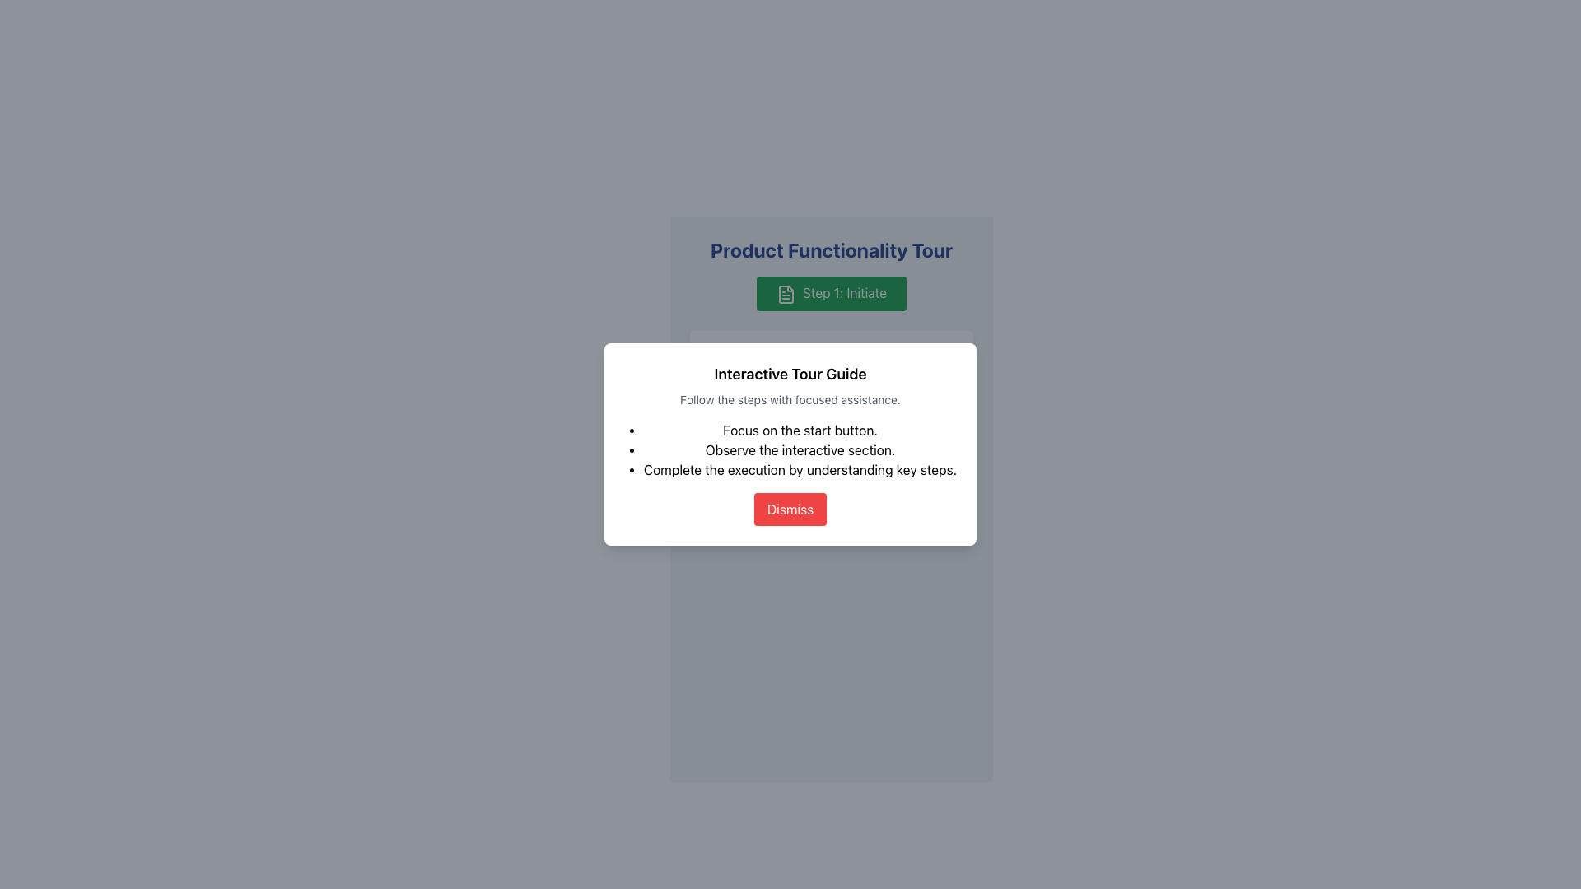 The image size is (1581, 889). What do you see at coordinates (800, 449) in the screenshot?
I see `the list item containing the text 'Observe the interactive section.'` at bounding box center [800, 449].